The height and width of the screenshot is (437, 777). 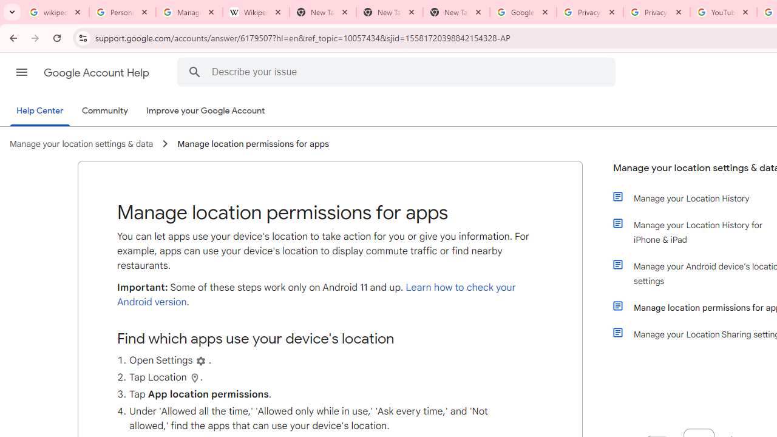 What do you see at coordinates (316, 295) in the screenshot?
I see `'Learn how to check your Android version'` at bounding box center [316, 295].